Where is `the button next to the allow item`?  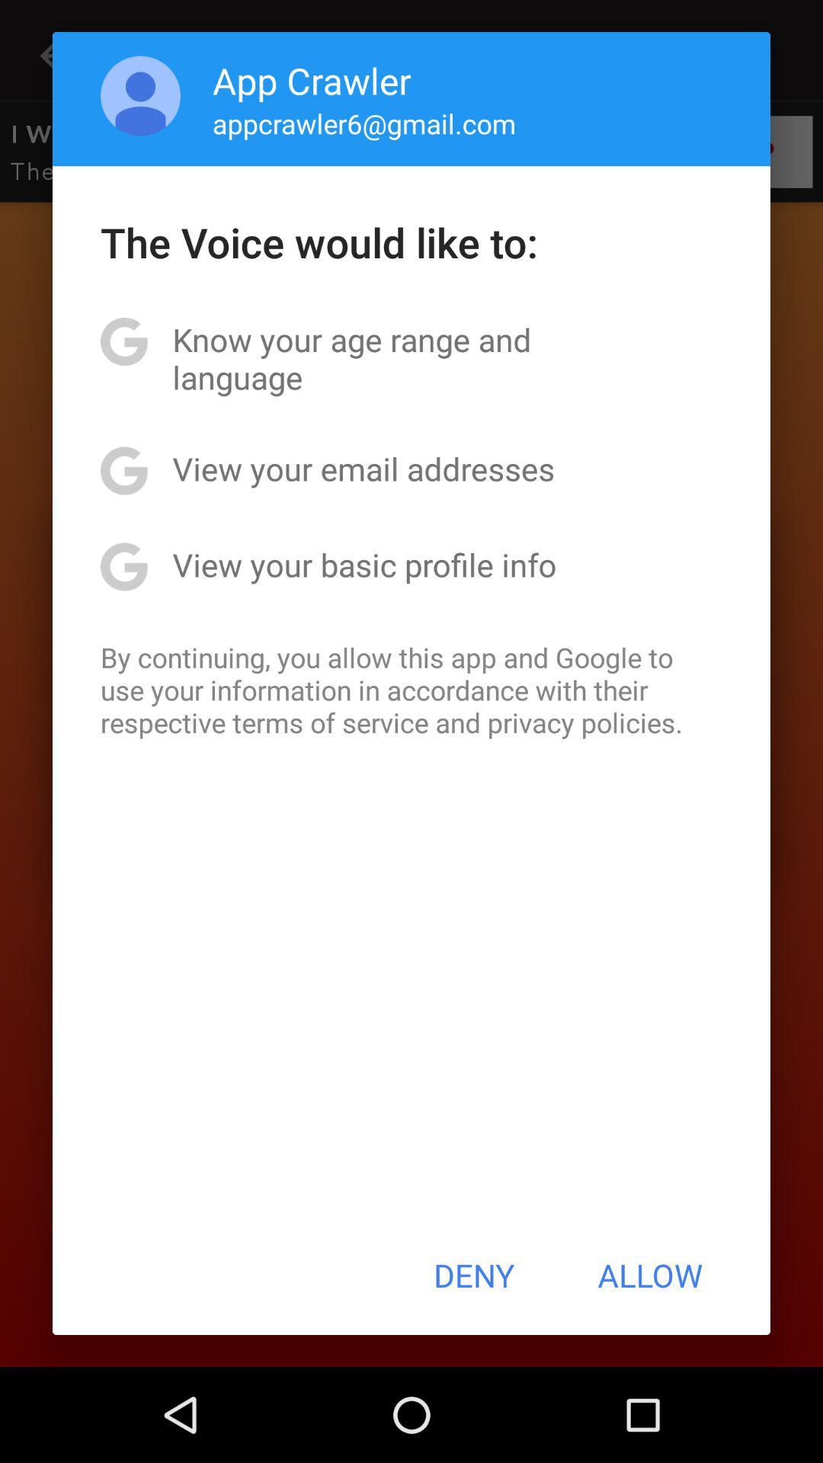
the button next to the allow item is located at coordinates (473, 1275).